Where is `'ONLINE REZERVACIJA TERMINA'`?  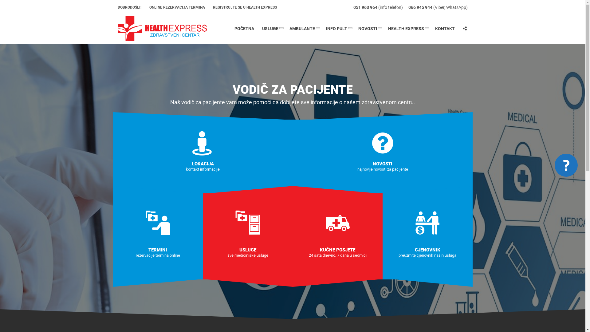
'ONLINE REZERVACIJA TERMINA' is located at coordinates (176, 7).